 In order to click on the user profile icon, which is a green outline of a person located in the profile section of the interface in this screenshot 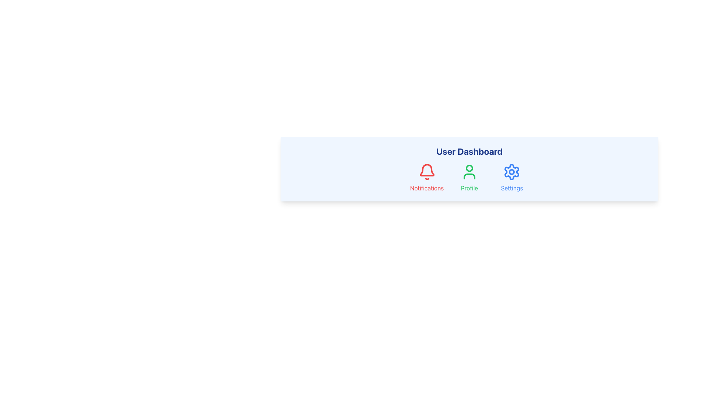, I will do `click(468, 172)`.